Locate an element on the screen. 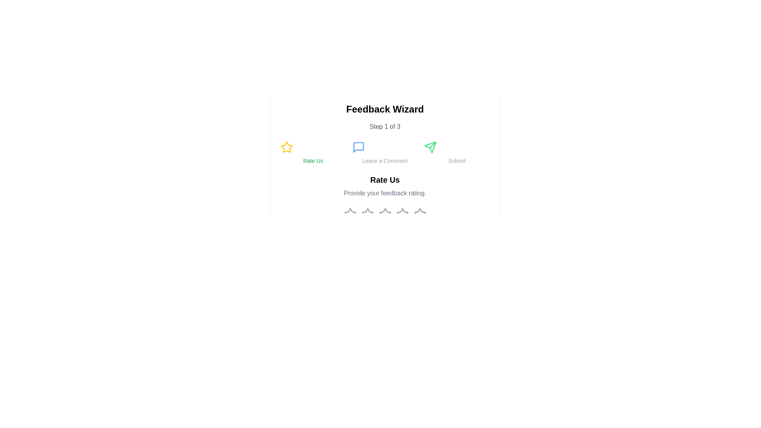 The height and width of the screenshot is (428, 761). the rating star located in the third position from the left in a row of five star icons, below the 'Rate Us' heading is located at coordinates (385, 213).